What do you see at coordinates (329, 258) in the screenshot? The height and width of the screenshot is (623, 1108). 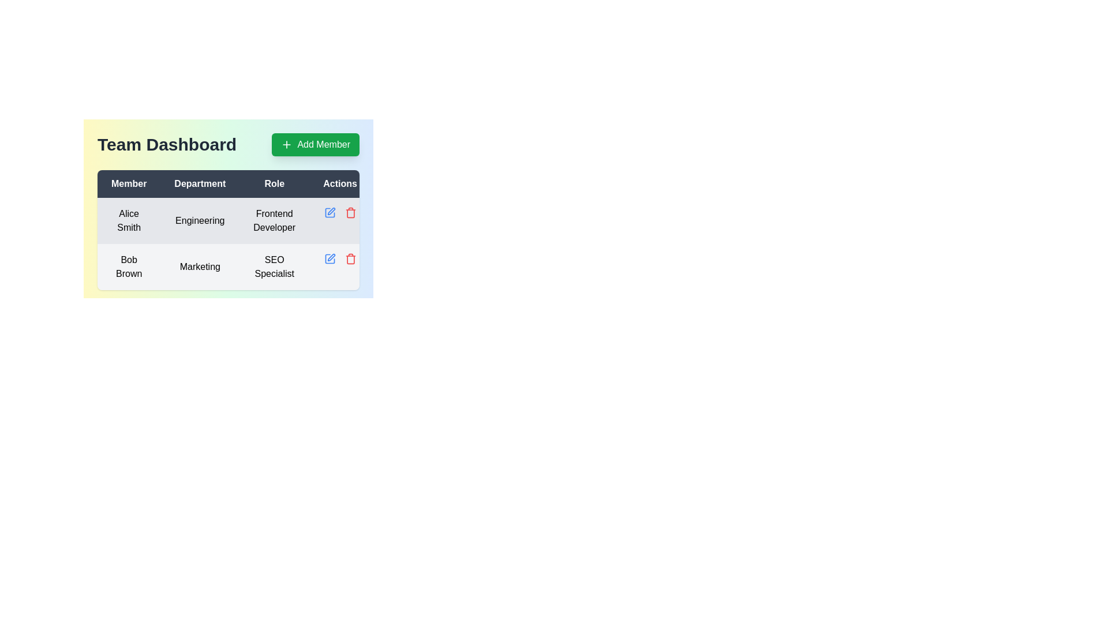 I see `the blue pen icon button located in the 'Actions' column of the second row in the 'Team Dashboard' card` at bounding box center [329, 258].